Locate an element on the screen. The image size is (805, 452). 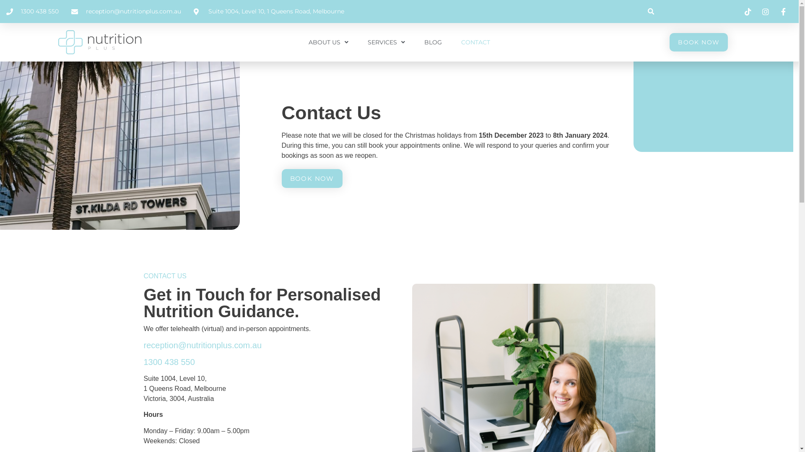
'SERVICES' is located at coordinates (386, 42).